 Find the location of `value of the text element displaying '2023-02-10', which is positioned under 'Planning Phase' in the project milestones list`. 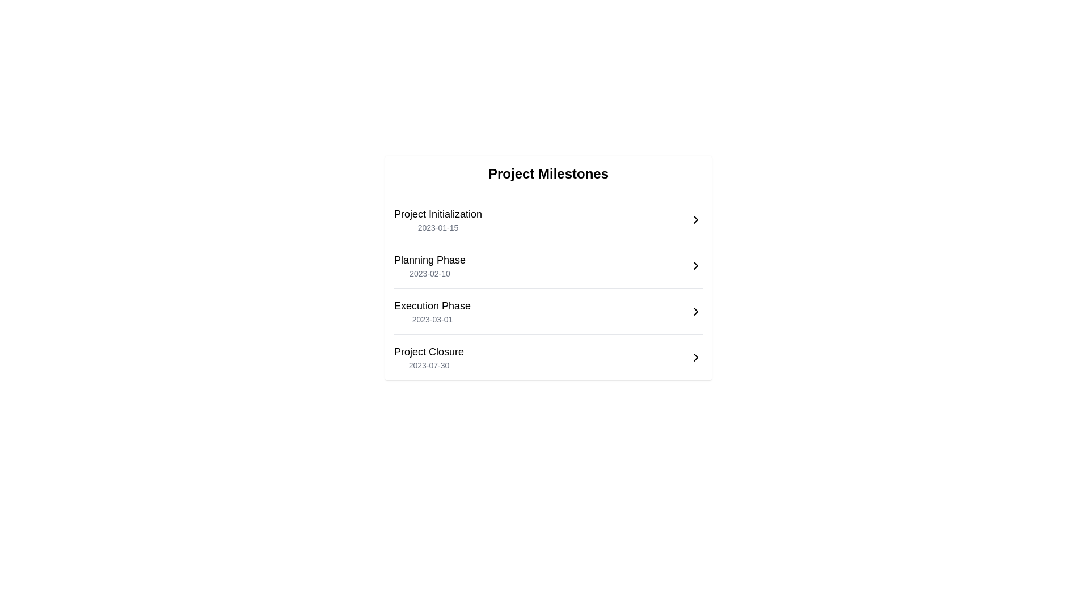

value of the text element displaying '2023-02-10', which is positioned under 'Planning Phase' in the project milestones list is located at coordinates (429, 273).